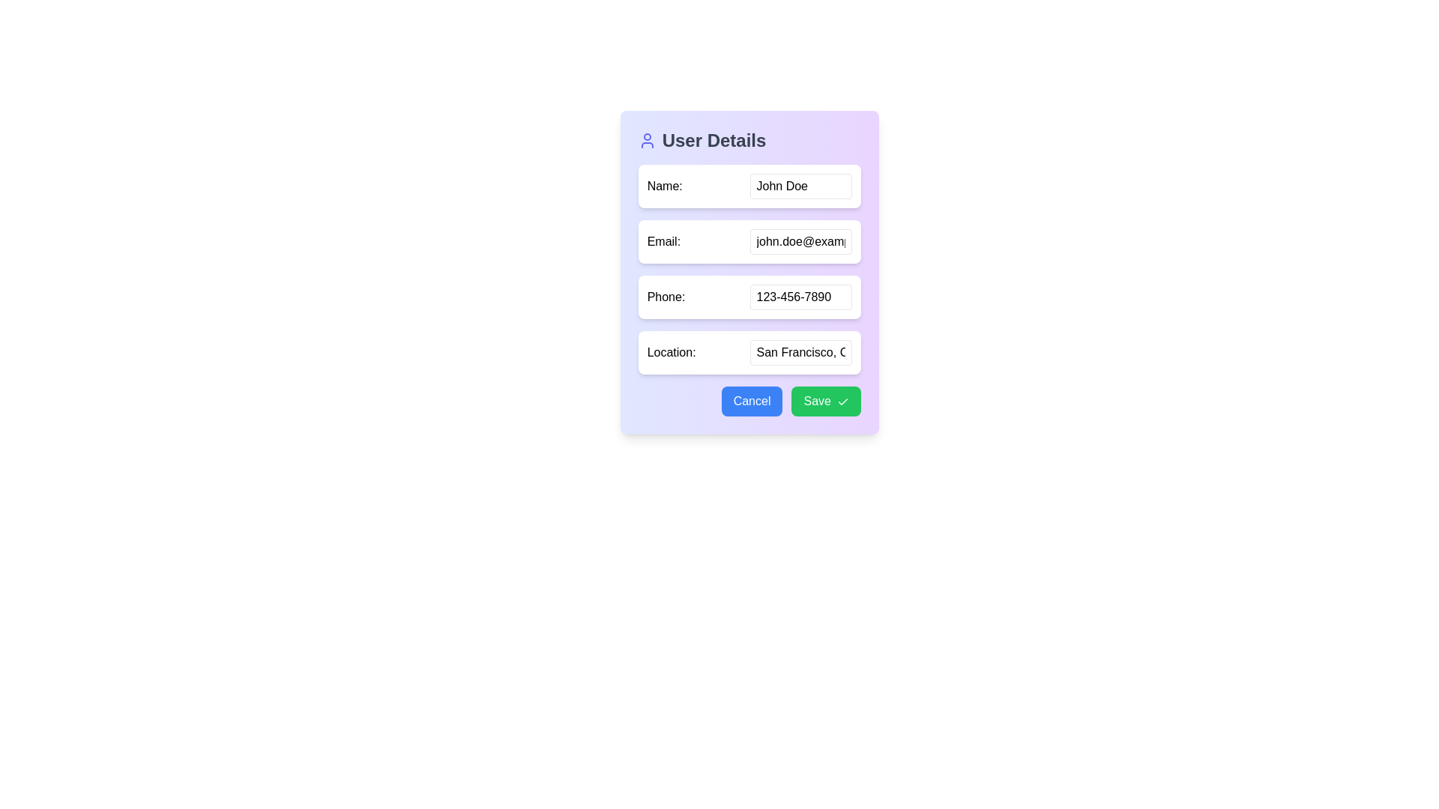 This screenshot has width=1439, height=809. I want to click on the save button located to the right of the blue 'Cancel' button at the bottom of the user details form, so click(825, 401).